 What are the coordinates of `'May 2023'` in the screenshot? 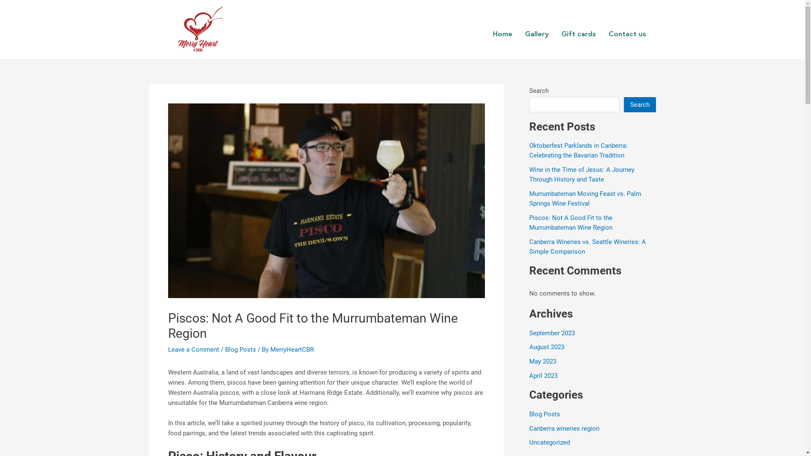 It's located at (528, 361).